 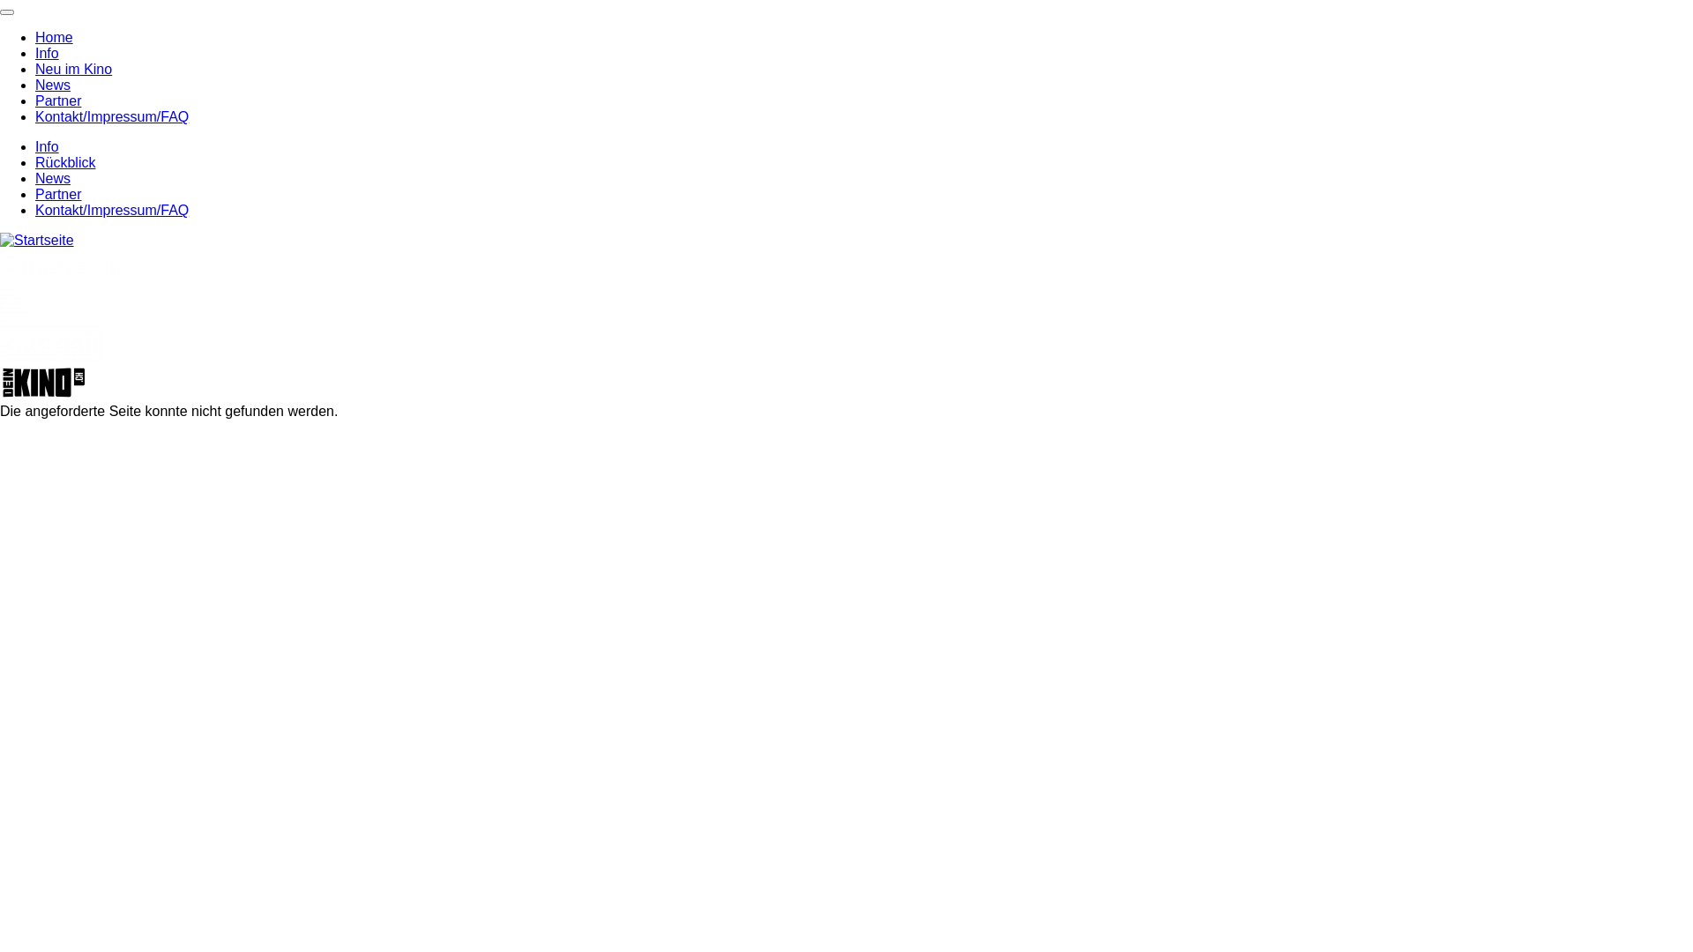 What do you see at coordinates (34, 209) in the screenshot?
I see `'Kontakt/Impressum/FAQ'` at bounding box center [34, 209].